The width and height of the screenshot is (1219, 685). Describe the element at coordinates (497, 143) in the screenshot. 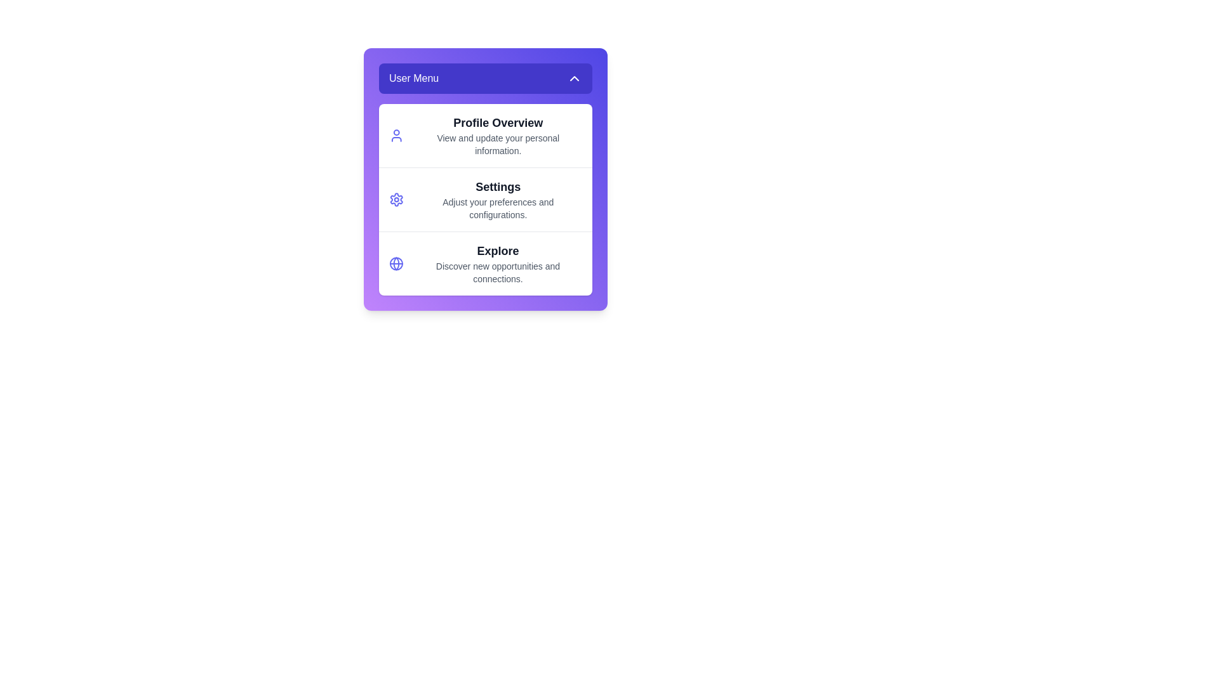

I see `the descriptive Text Label that provides information about the 'Profile Overview' section, located directly below the 'Profile Overview' title in the 'User Menu' card interface` at that location.